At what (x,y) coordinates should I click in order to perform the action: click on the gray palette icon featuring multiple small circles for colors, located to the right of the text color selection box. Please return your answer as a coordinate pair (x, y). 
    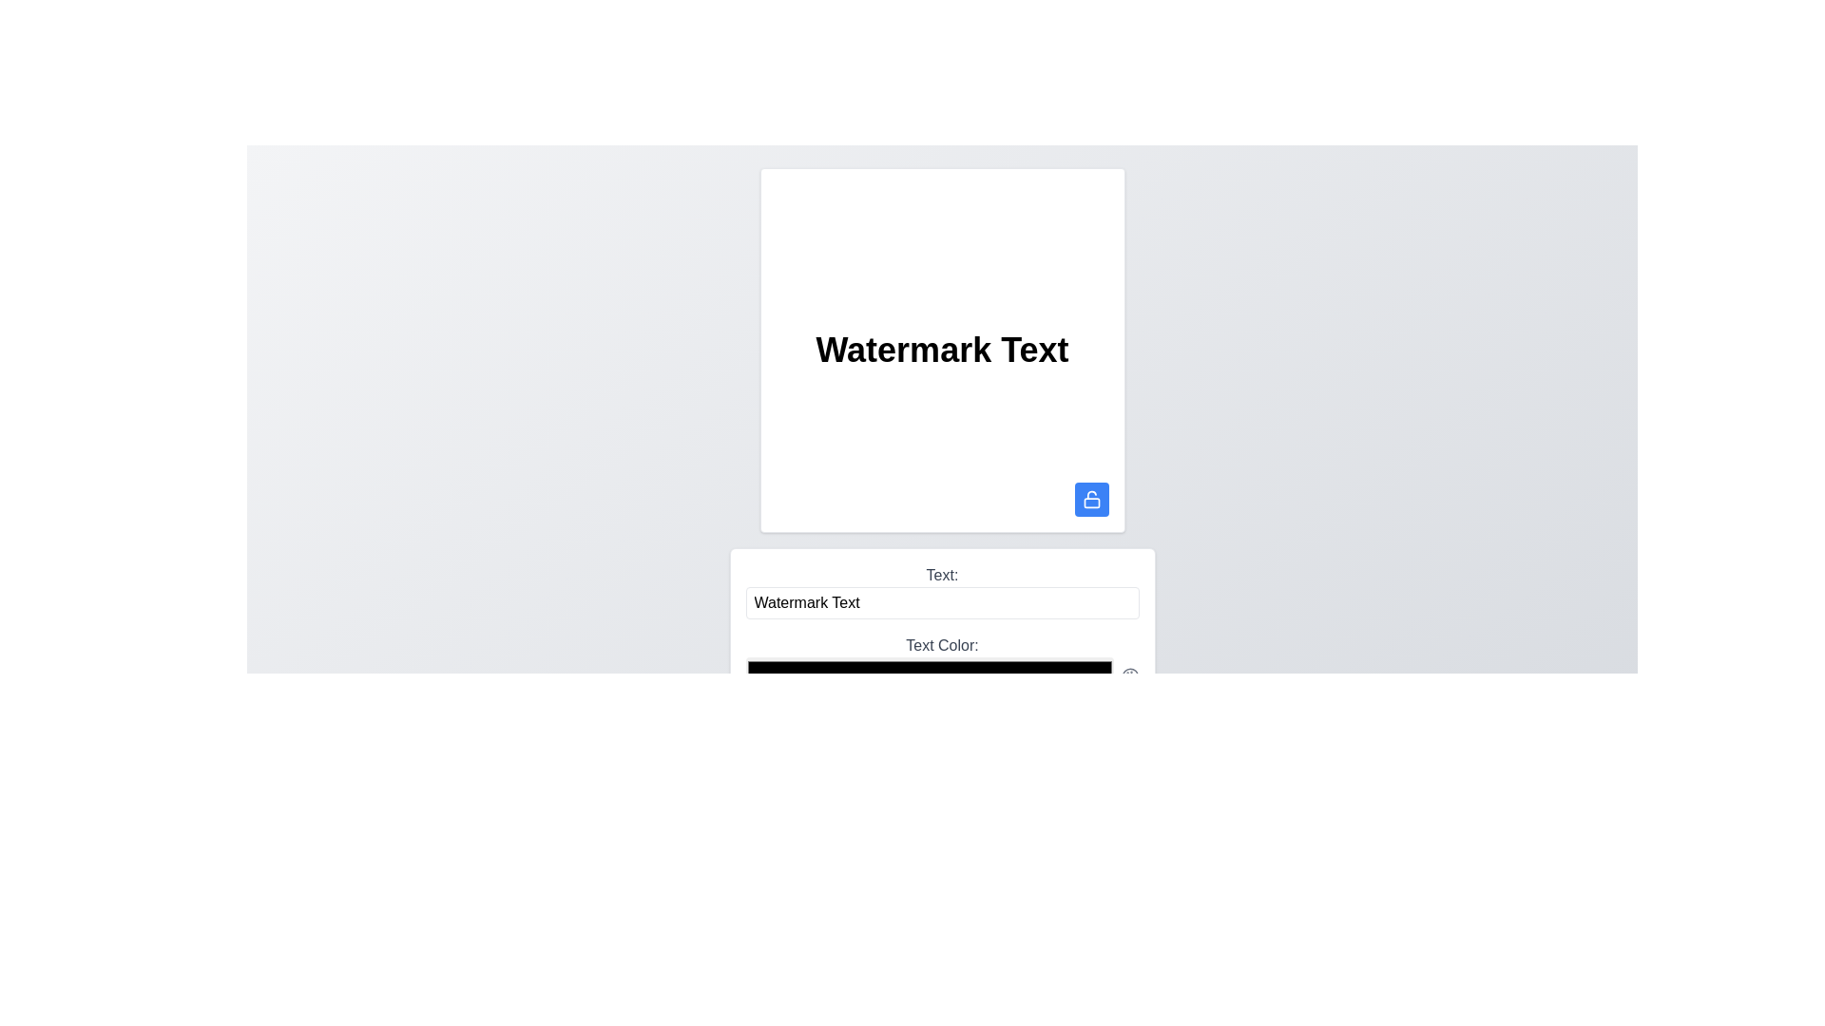
    Looking at the image, I should click on (1130, 675).